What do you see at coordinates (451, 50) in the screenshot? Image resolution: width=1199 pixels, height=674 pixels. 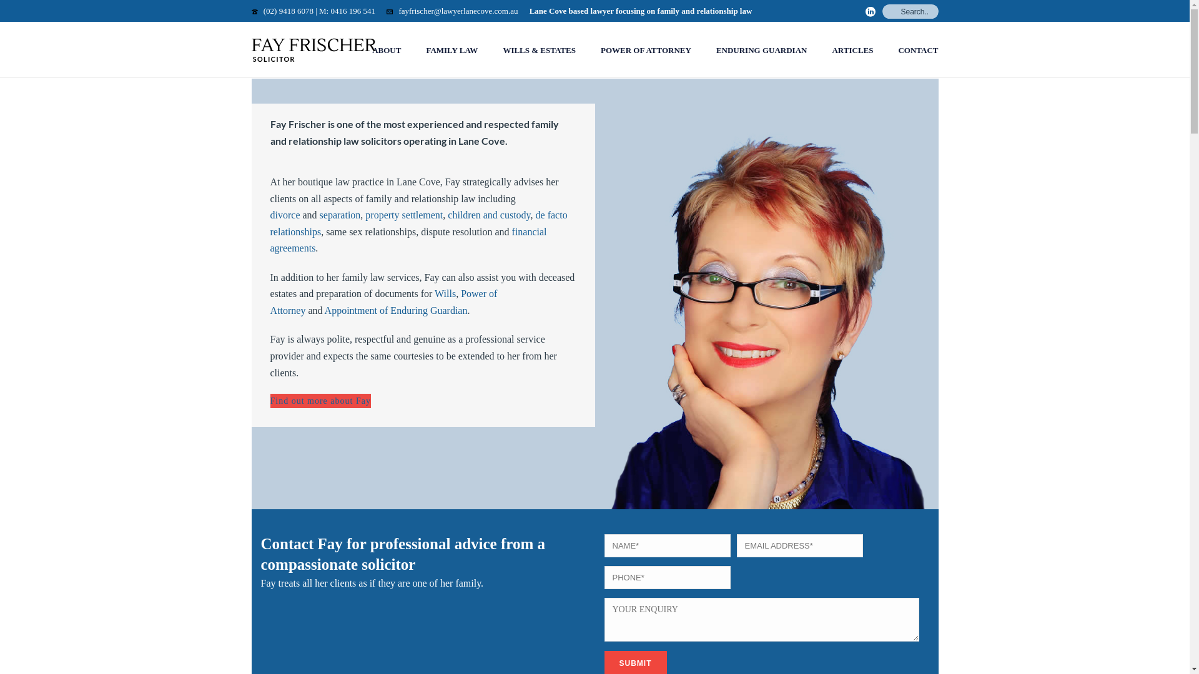 I see `'FAMILY LAW'` at bounding box center [451, 50].